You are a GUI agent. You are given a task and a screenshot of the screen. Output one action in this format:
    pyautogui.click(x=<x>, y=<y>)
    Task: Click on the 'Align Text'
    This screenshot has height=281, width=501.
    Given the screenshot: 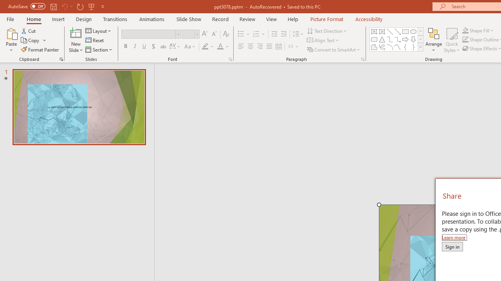 What is the action you would take?
    pyautogui.click(x=323, y=40)
    